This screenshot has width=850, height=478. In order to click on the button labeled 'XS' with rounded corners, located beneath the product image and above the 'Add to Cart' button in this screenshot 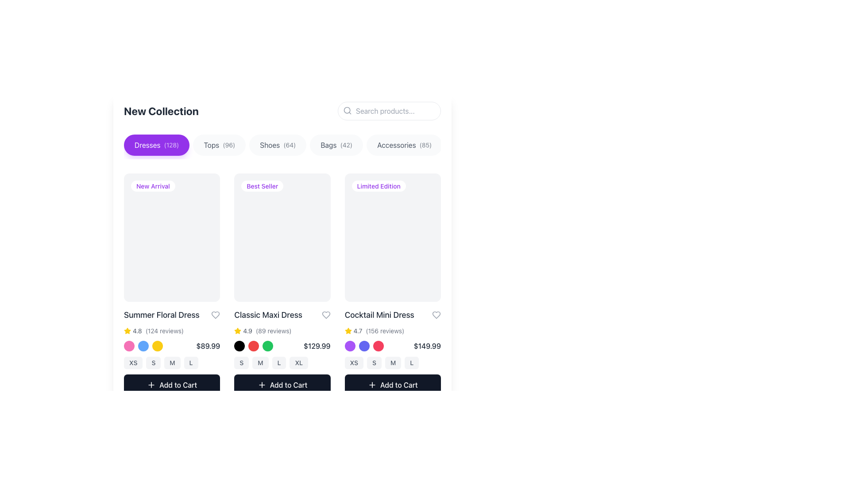, I will do `click(353, 362)`.